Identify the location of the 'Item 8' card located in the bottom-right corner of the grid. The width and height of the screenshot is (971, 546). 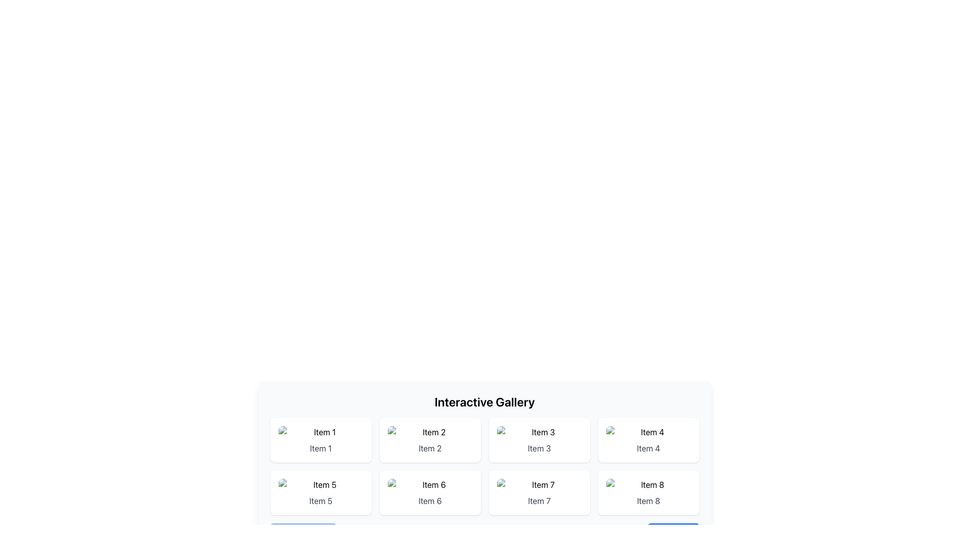
(648, 492).